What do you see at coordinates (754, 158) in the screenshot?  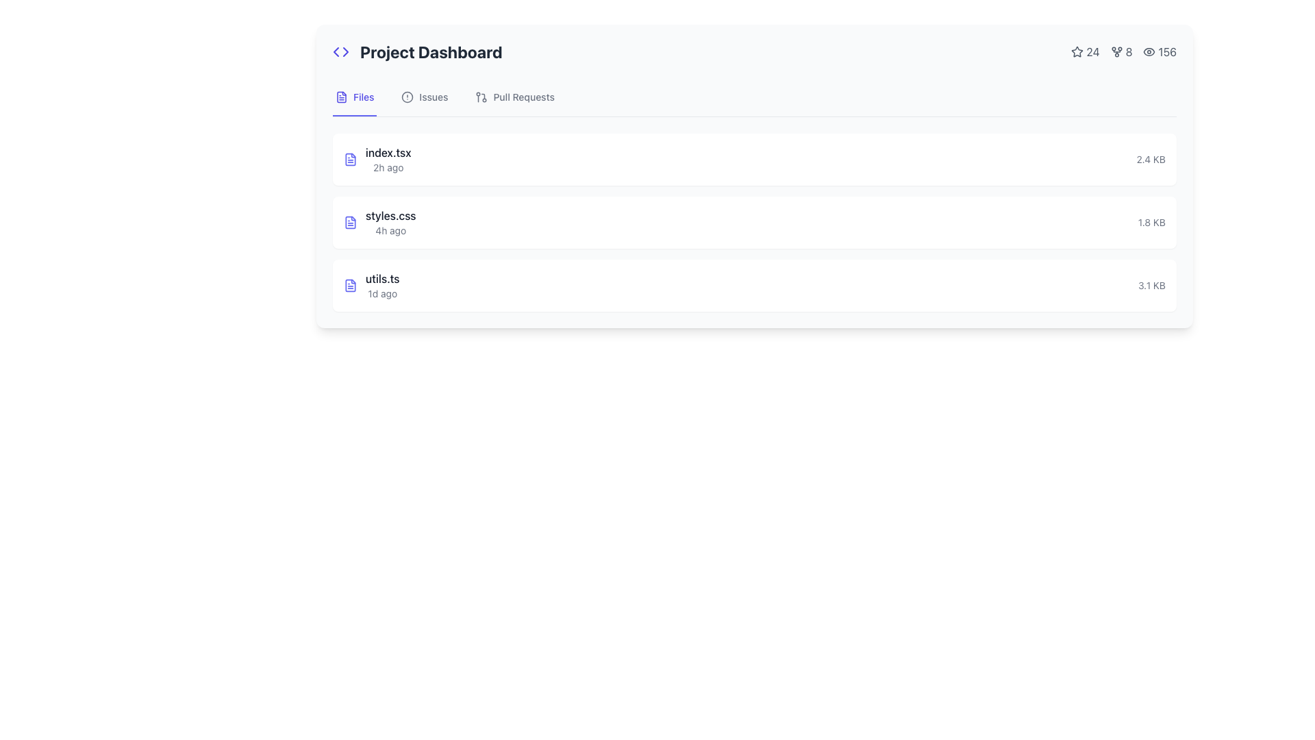 I see `the information display row containing the file name 'index.tsx', the timestamp '2h ago', and the file size '2.4 KB'` at bounding box center [754, 158].